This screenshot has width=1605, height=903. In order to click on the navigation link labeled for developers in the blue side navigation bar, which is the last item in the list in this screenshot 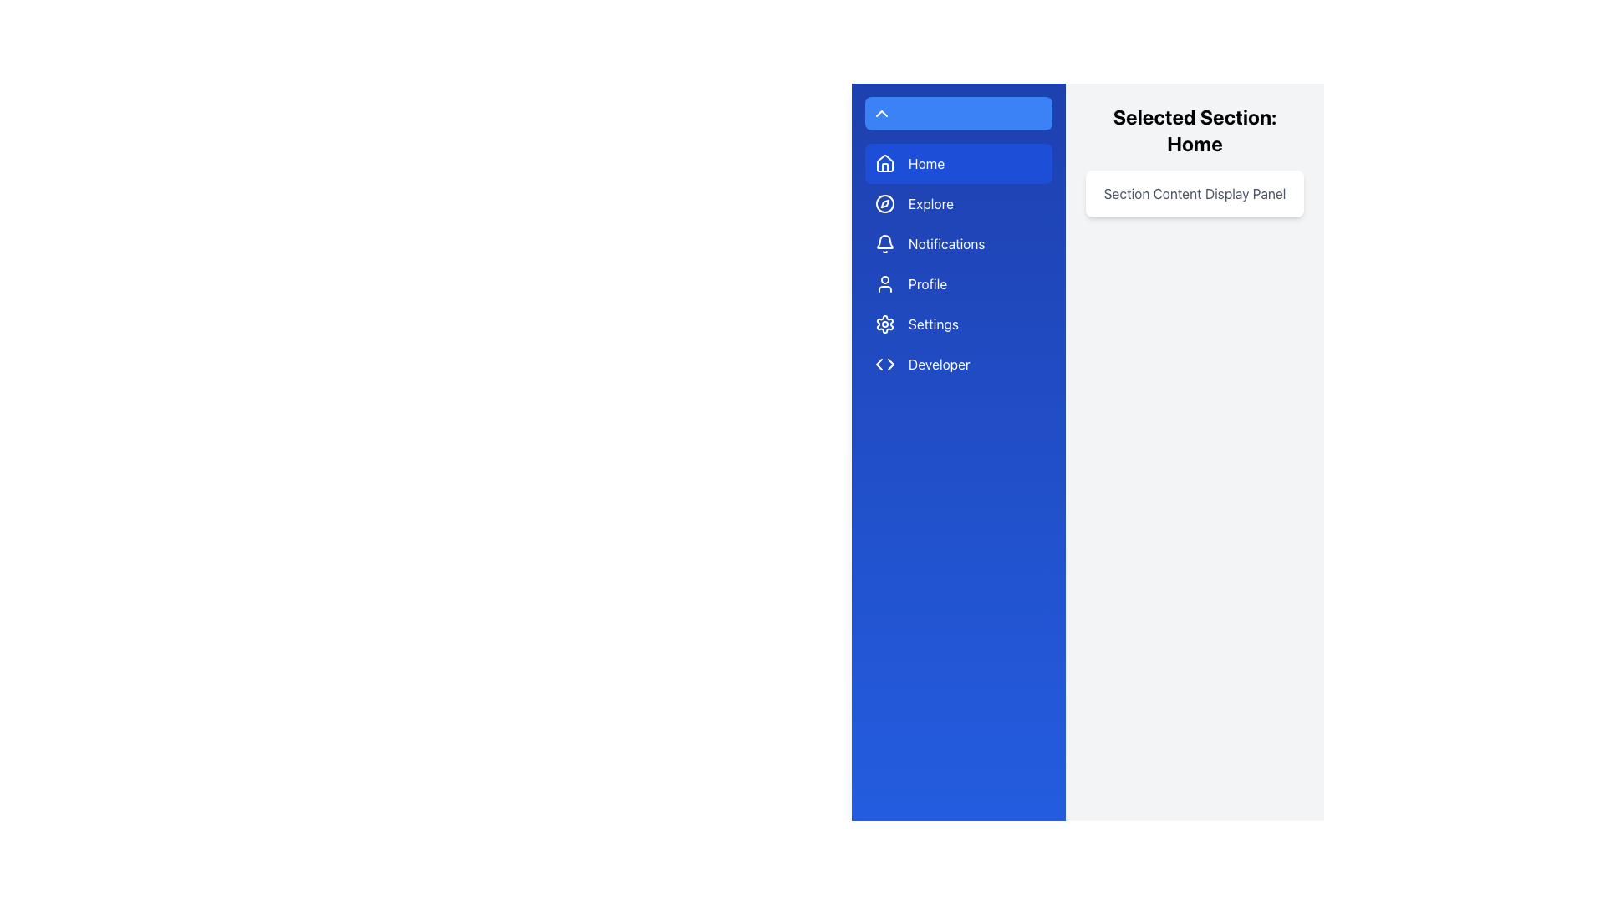, I will do `click(939, 363)`.